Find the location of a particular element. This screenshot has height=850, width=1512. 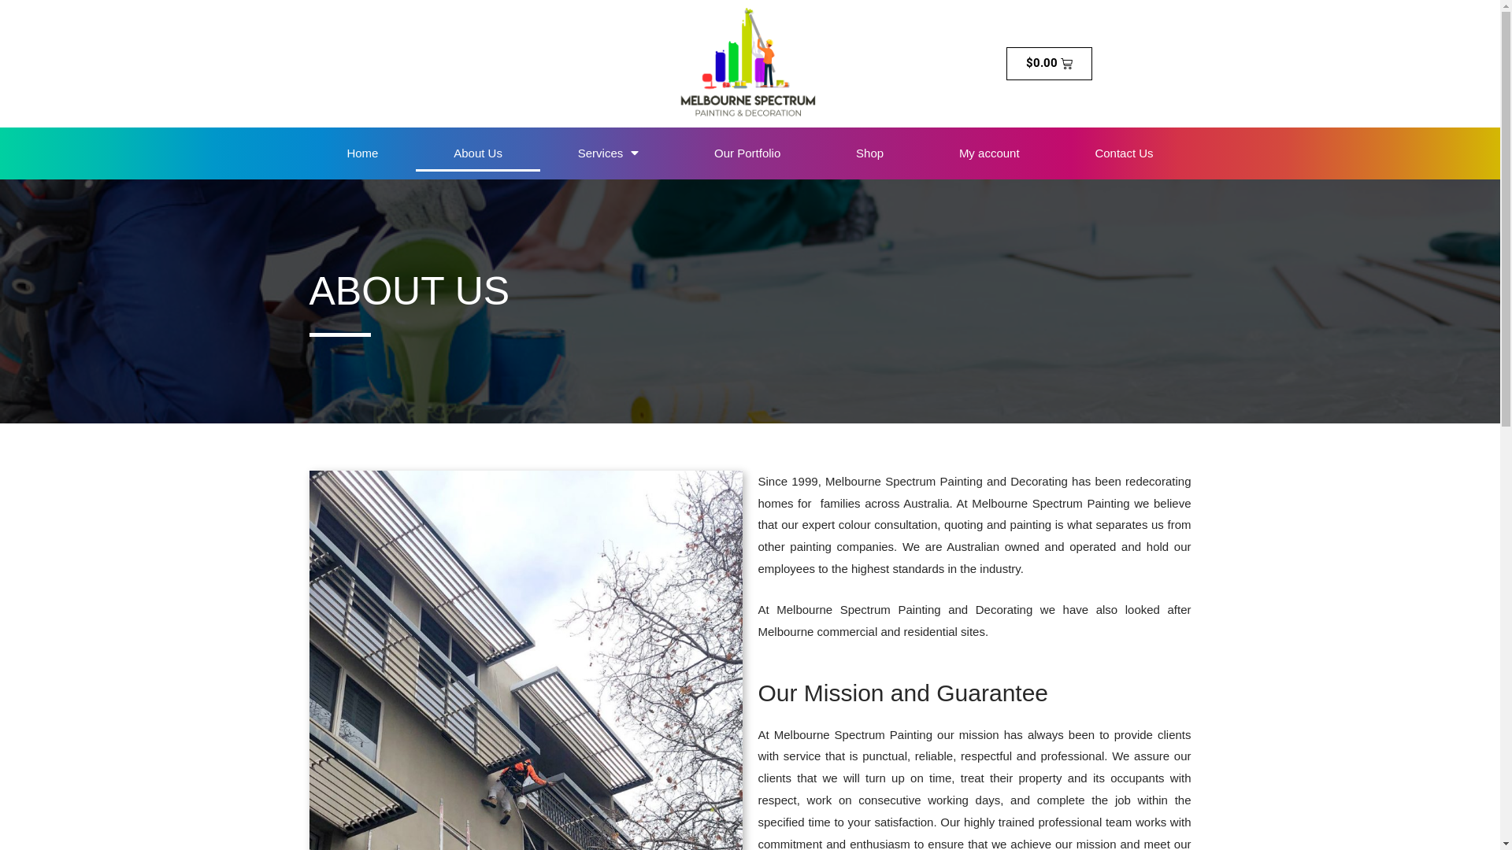

'Shop' is located at coordinates (869, 153).